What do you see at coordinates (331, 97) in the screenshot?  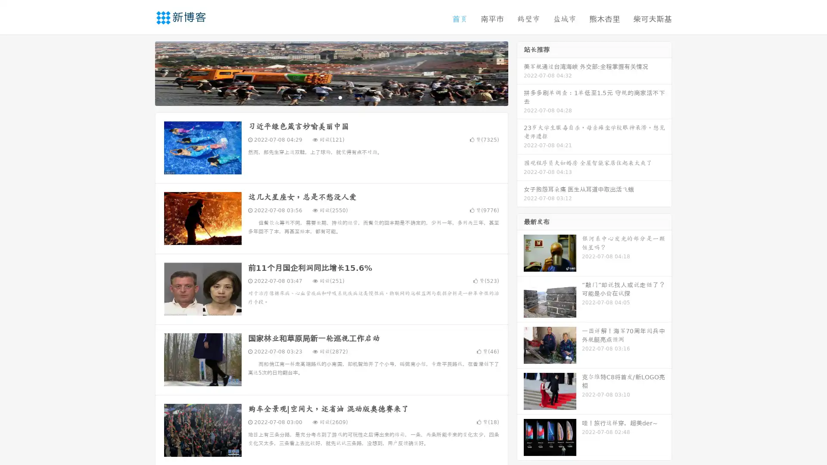 I see `Go to slide 2` at bounding box center [331, 97].